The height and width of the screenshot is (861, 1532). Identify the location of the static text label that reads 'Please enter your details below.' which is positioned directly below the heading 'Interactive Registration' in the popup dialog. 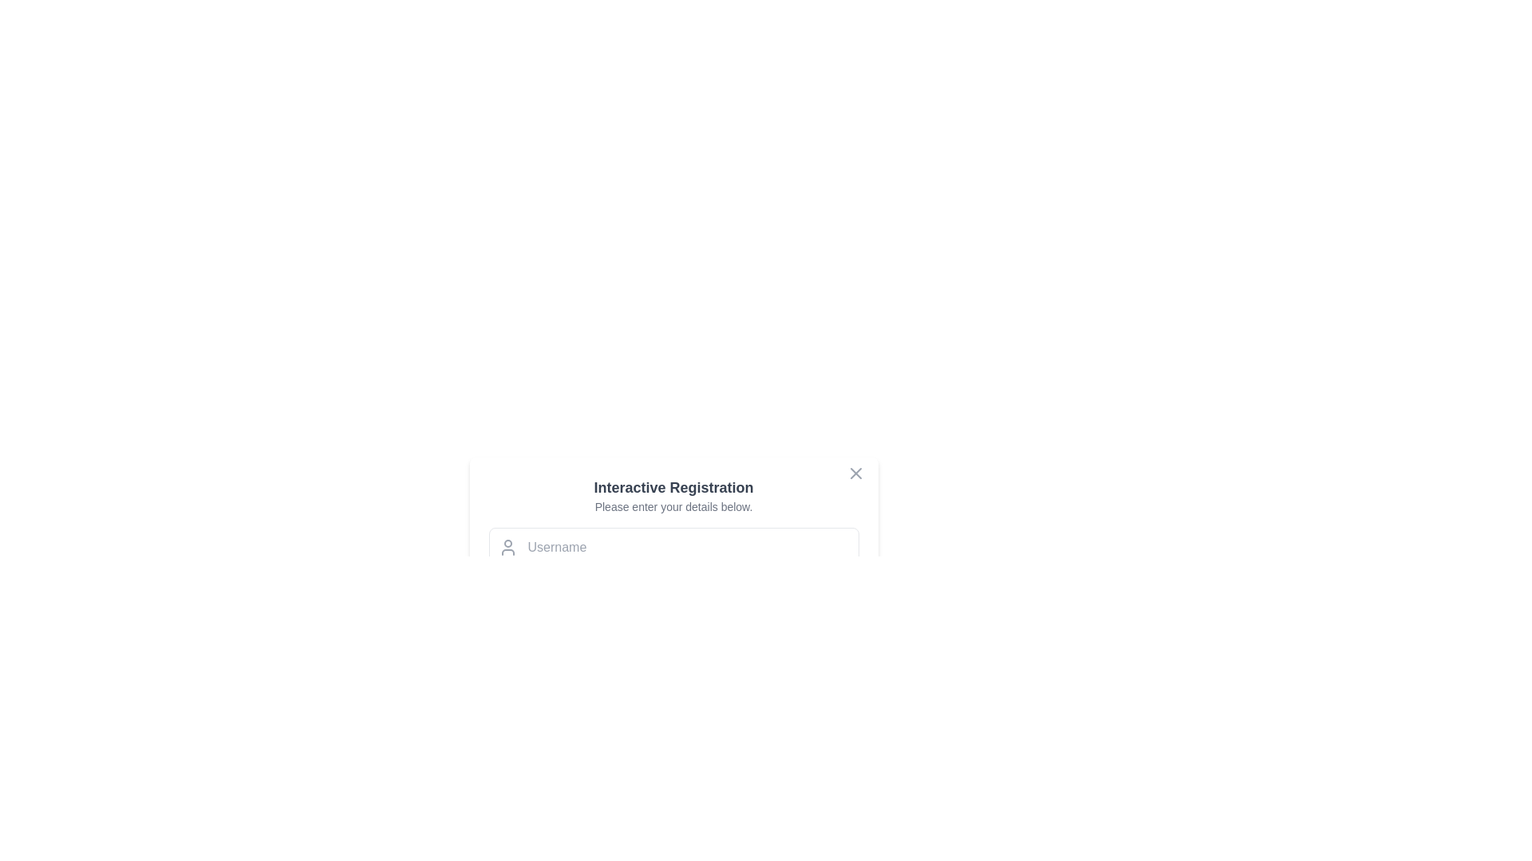
(673, 507).